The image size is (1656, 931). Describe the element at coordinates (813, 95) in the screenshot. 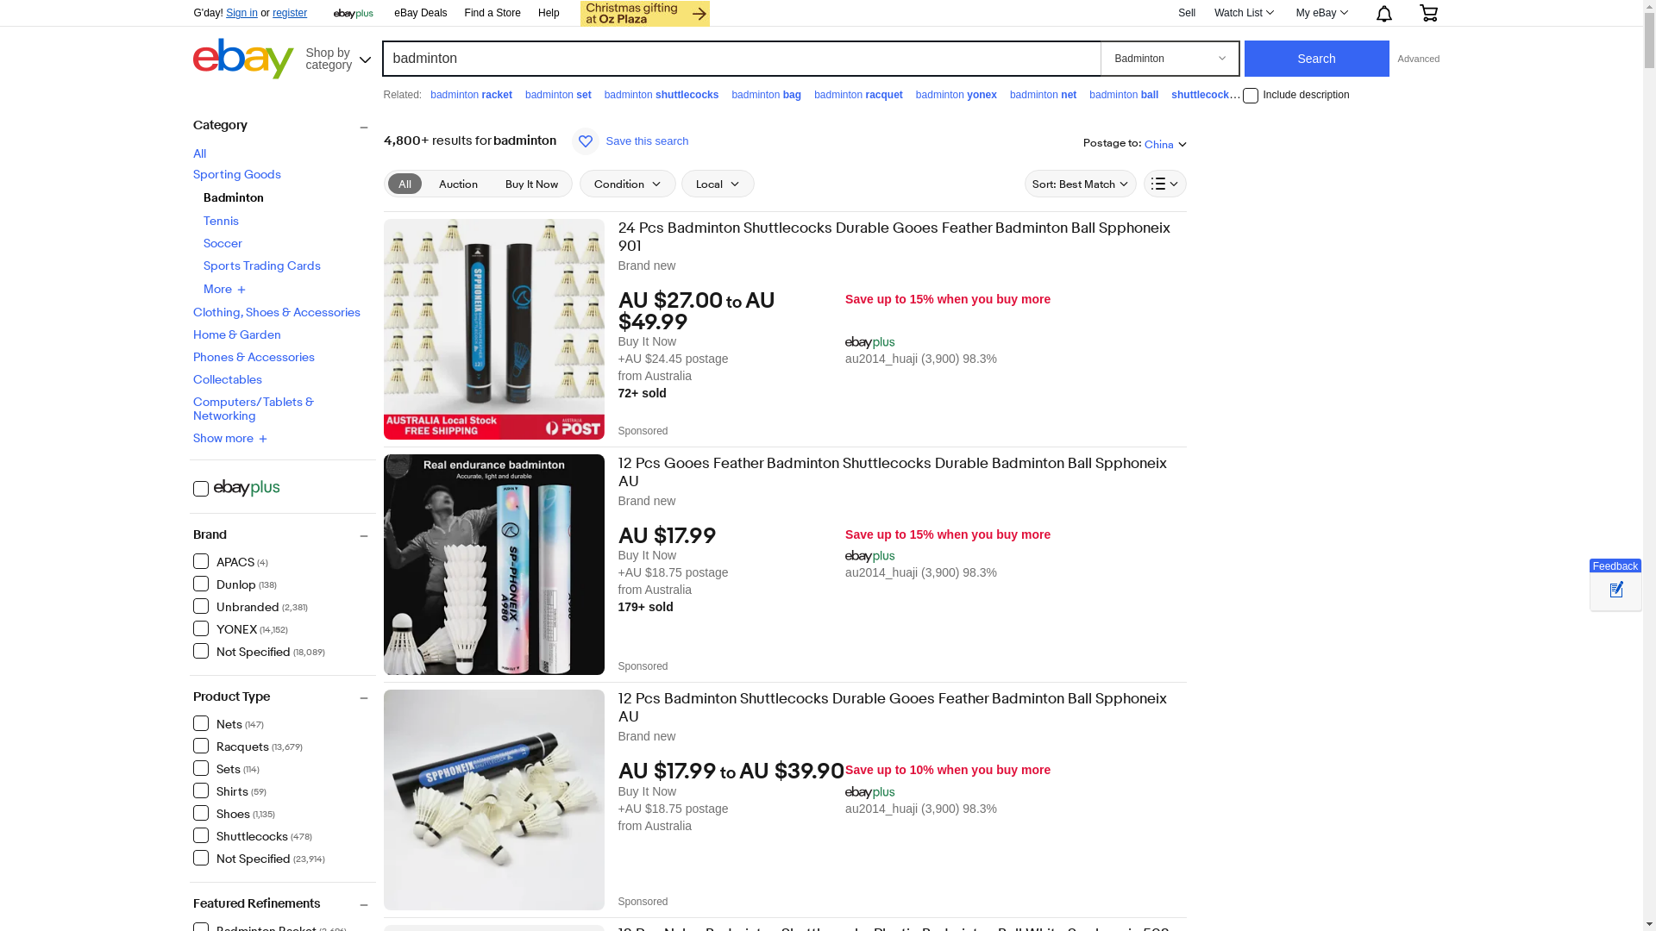

I see `'badminton racquet'` at that location.